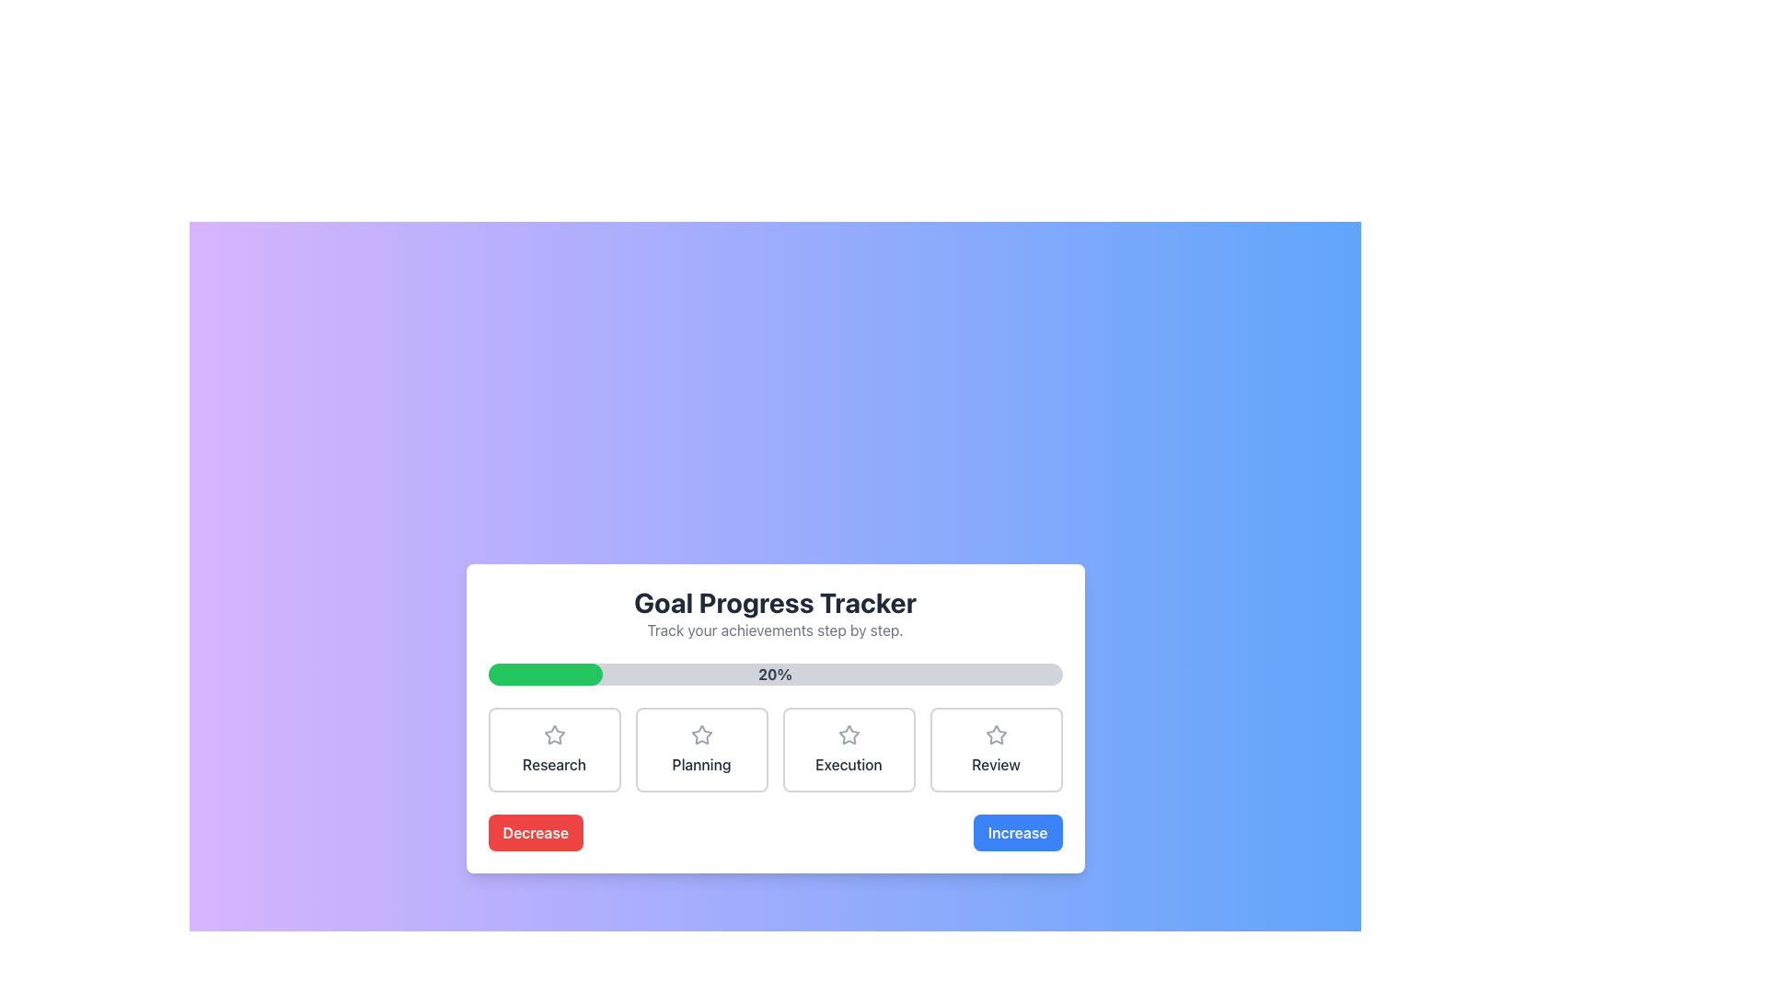 The image size is (1767, 994). Describe the element at coordinates (775, 630) in the screenshot. I see `the text label displaying 'Track your achievements step by step.' located below the title 'Goal Progress Tracker'` at that location.